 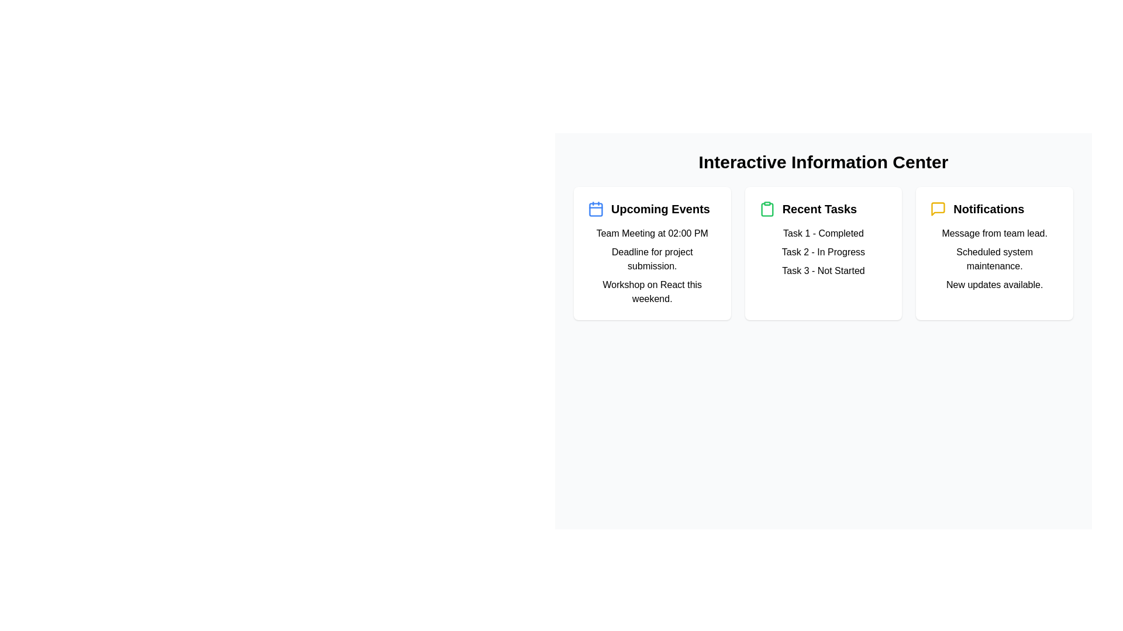 I want to click on the 'Notifications' label styled in bold, adjacent to a yellow speech bubble icon, located within the rightmost white card under the 'Interactive Information Center' title, so click(x=994, y=209).